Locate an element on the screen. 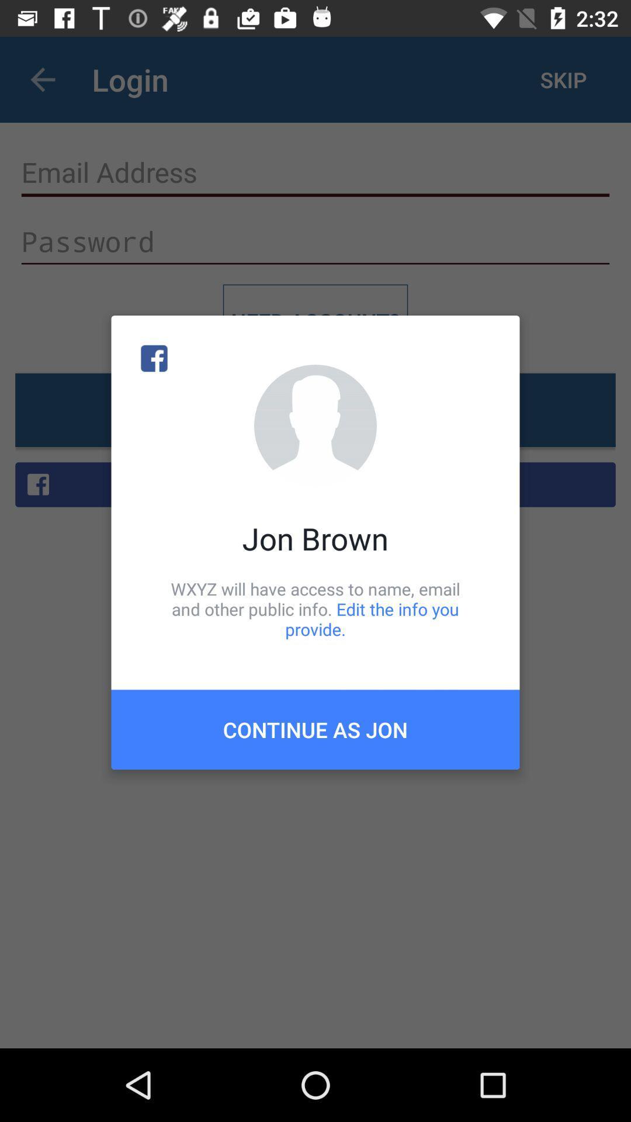 The width and height of the screenshot is (631, 1122). wxyz will have is located at coordinates (315, 608).